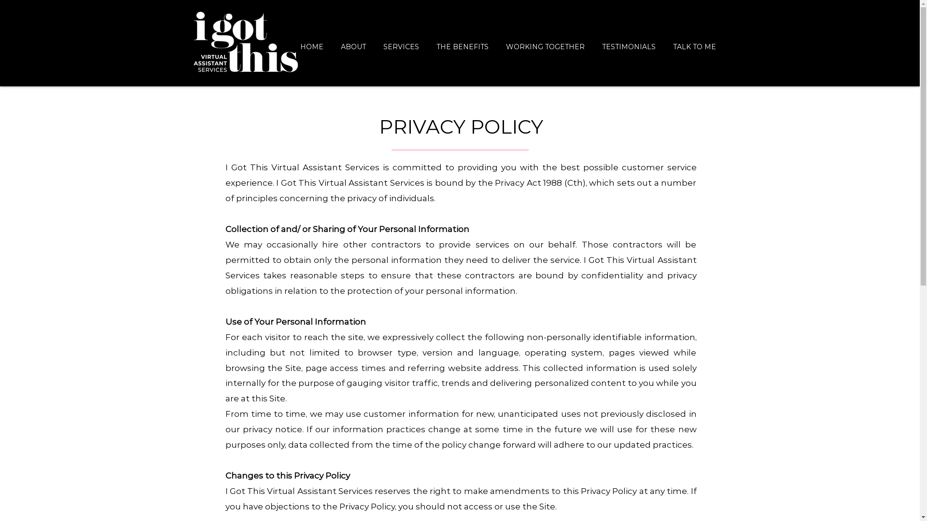  What do you see at coordinates (462, 42) in the screenshot?
I see `'THE BENEFITS'` at bounding box center [462, 42].